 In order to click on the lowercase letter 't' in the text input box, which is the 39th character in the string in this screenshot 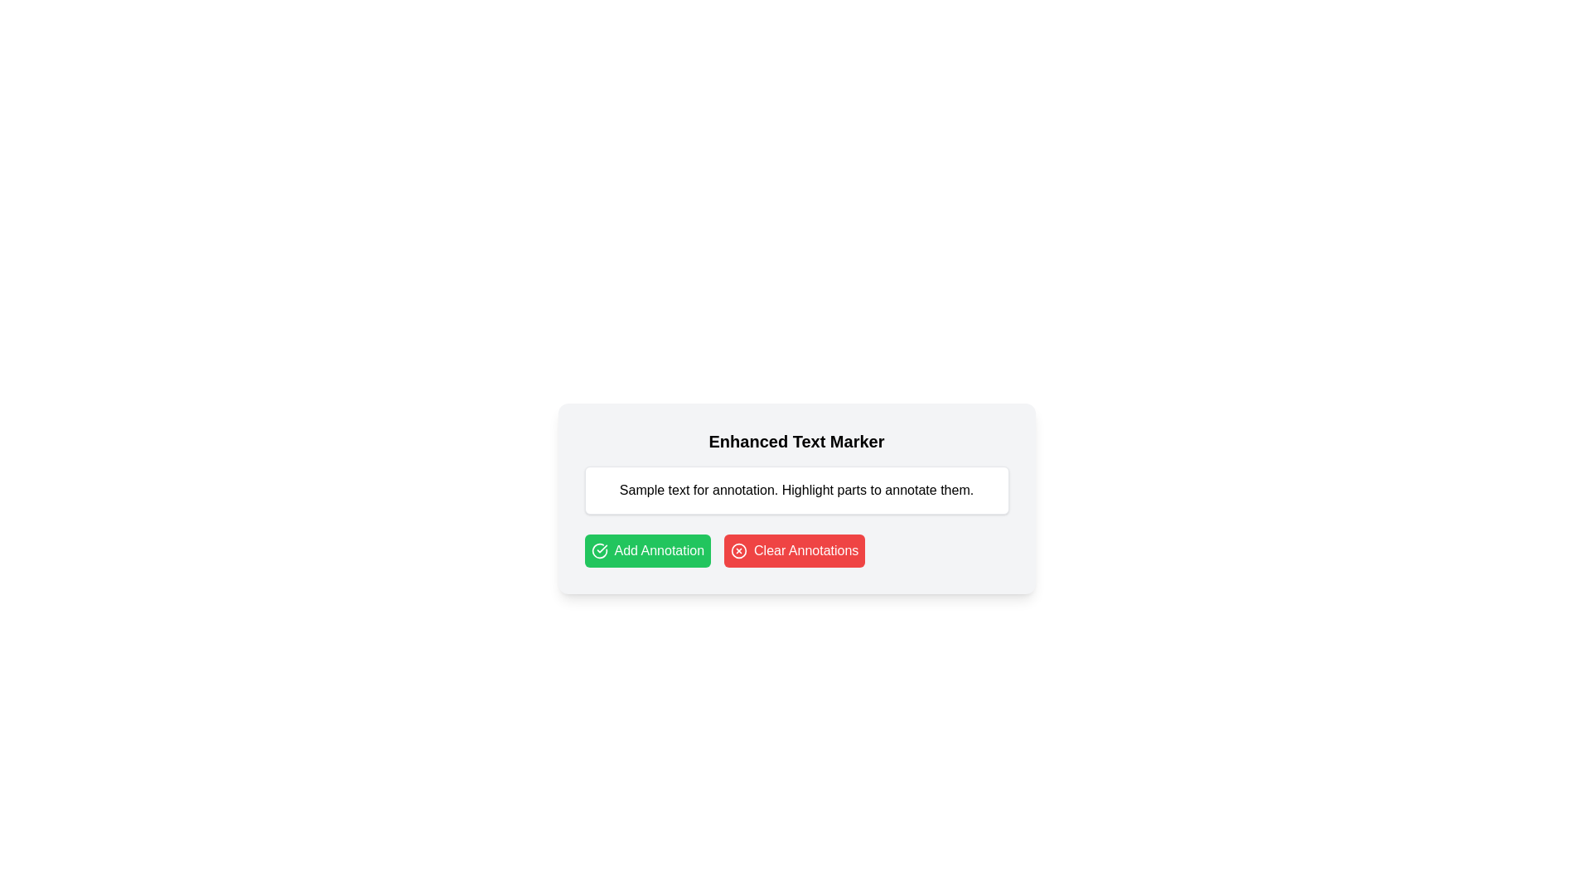, I will do `click(831, 489)`.